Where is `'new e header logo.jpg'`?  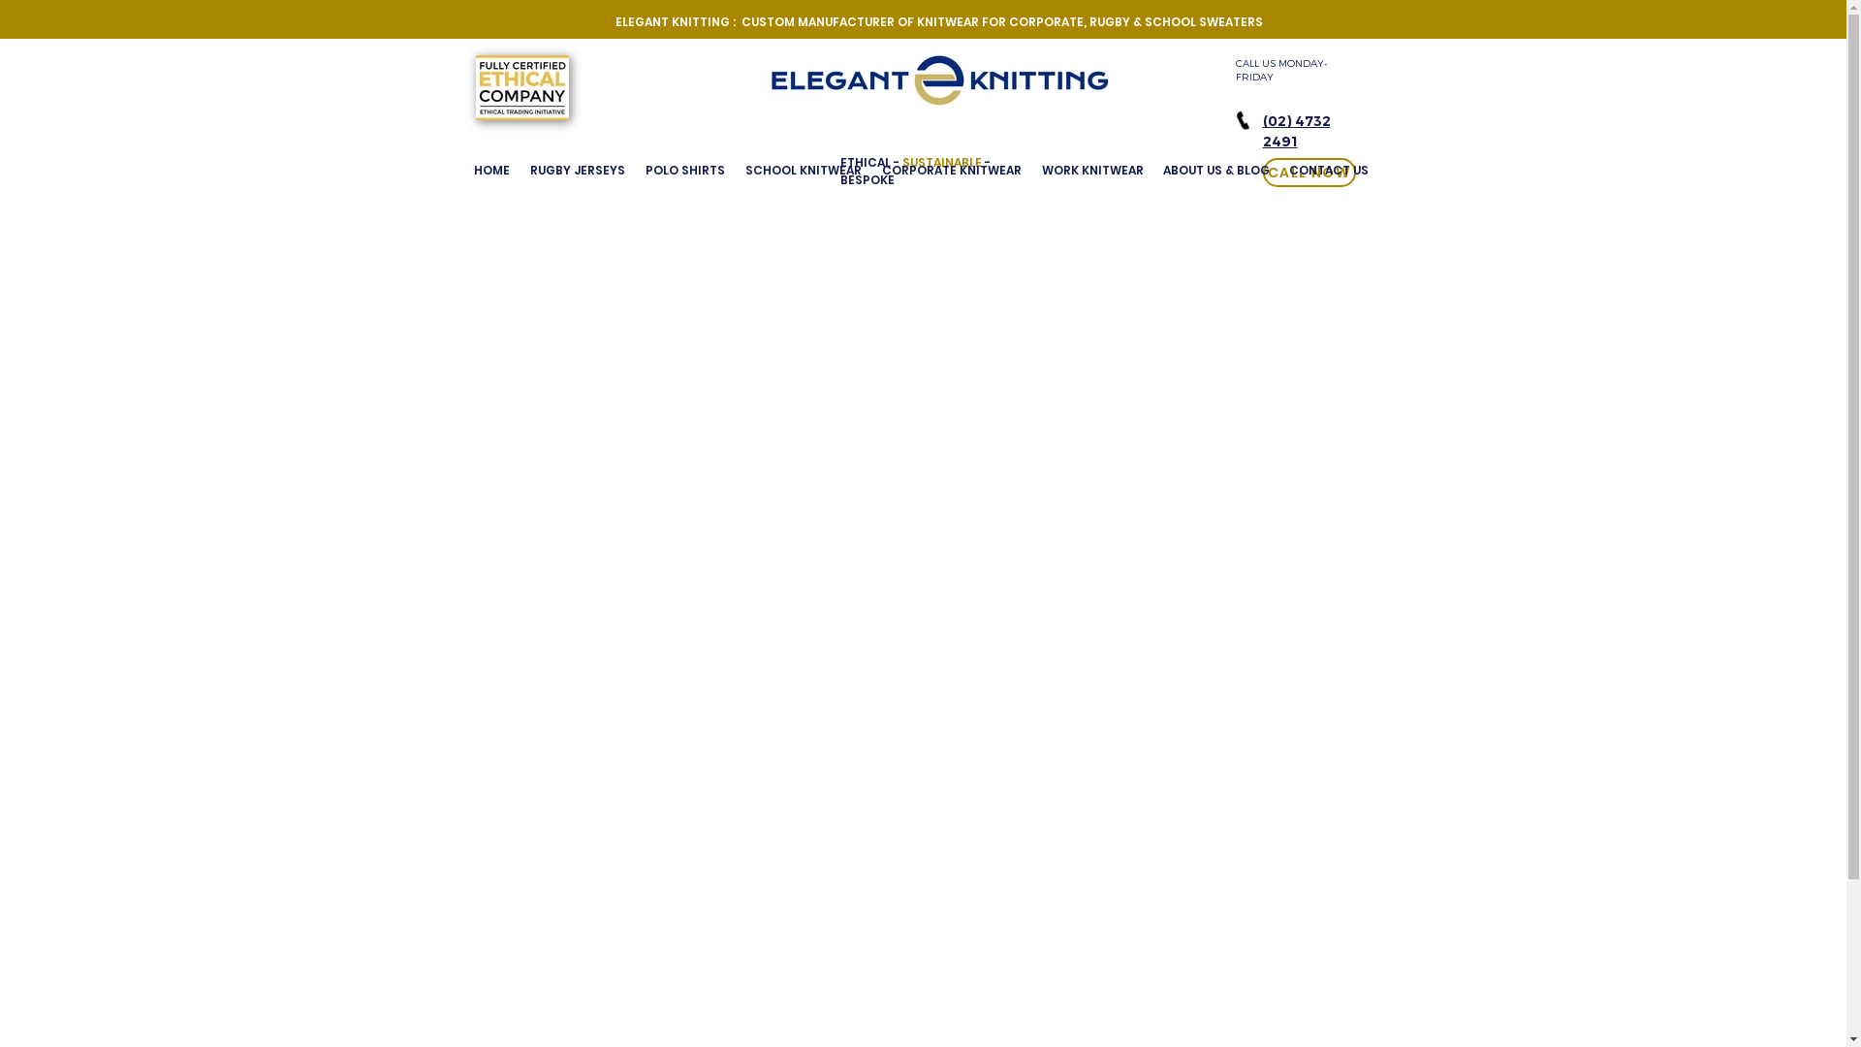
'new e header logo.jpg' is located at coordinates (768, 79).